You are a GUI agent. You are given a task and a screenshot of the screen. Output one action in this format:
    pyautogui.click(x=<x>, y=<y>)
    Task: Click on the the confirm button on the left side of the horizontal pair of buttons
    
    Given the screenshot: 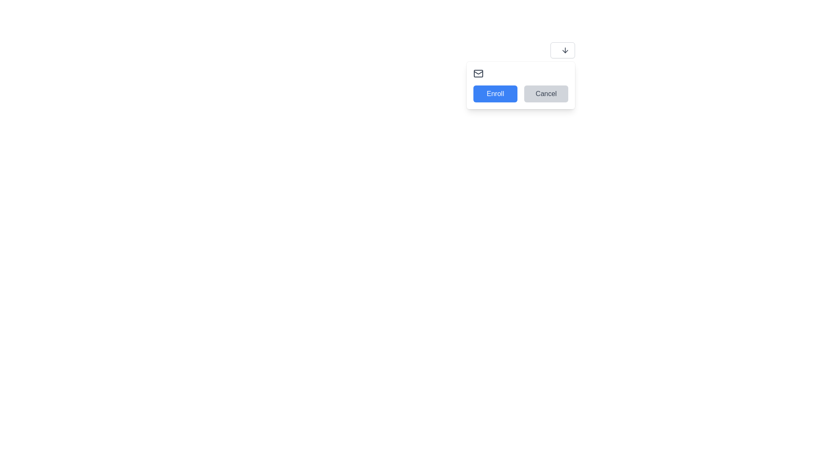 What is the action you would take?
    pyautogui.click(x=495, y=94)
    